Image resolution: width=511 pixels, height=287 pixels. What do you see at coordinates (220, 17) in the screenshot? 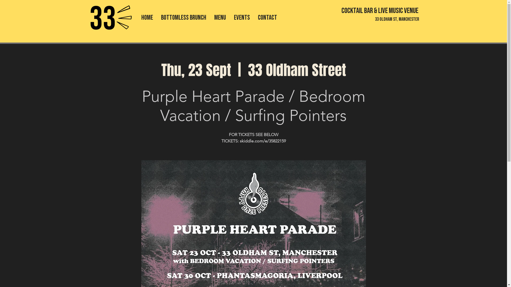
I see `'MENU'` at bounding box center [220, 17].